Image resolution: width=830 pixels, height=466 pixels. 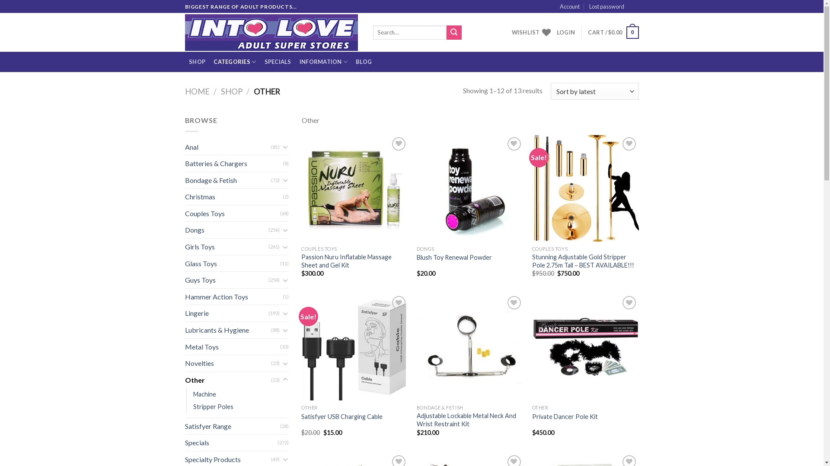 What do you see at coordinates (272, 32) in the screenshot?
I see `'Into Love - adult shop'` at bounding box center [272, 32].